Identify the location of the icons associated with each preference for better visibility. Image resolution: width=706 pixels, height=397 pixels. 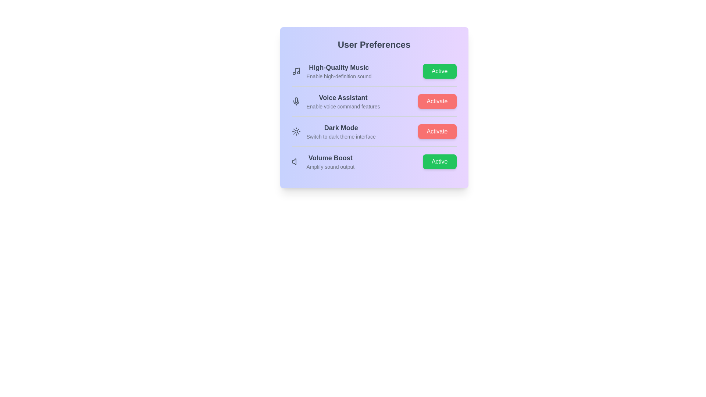
(296, 71).